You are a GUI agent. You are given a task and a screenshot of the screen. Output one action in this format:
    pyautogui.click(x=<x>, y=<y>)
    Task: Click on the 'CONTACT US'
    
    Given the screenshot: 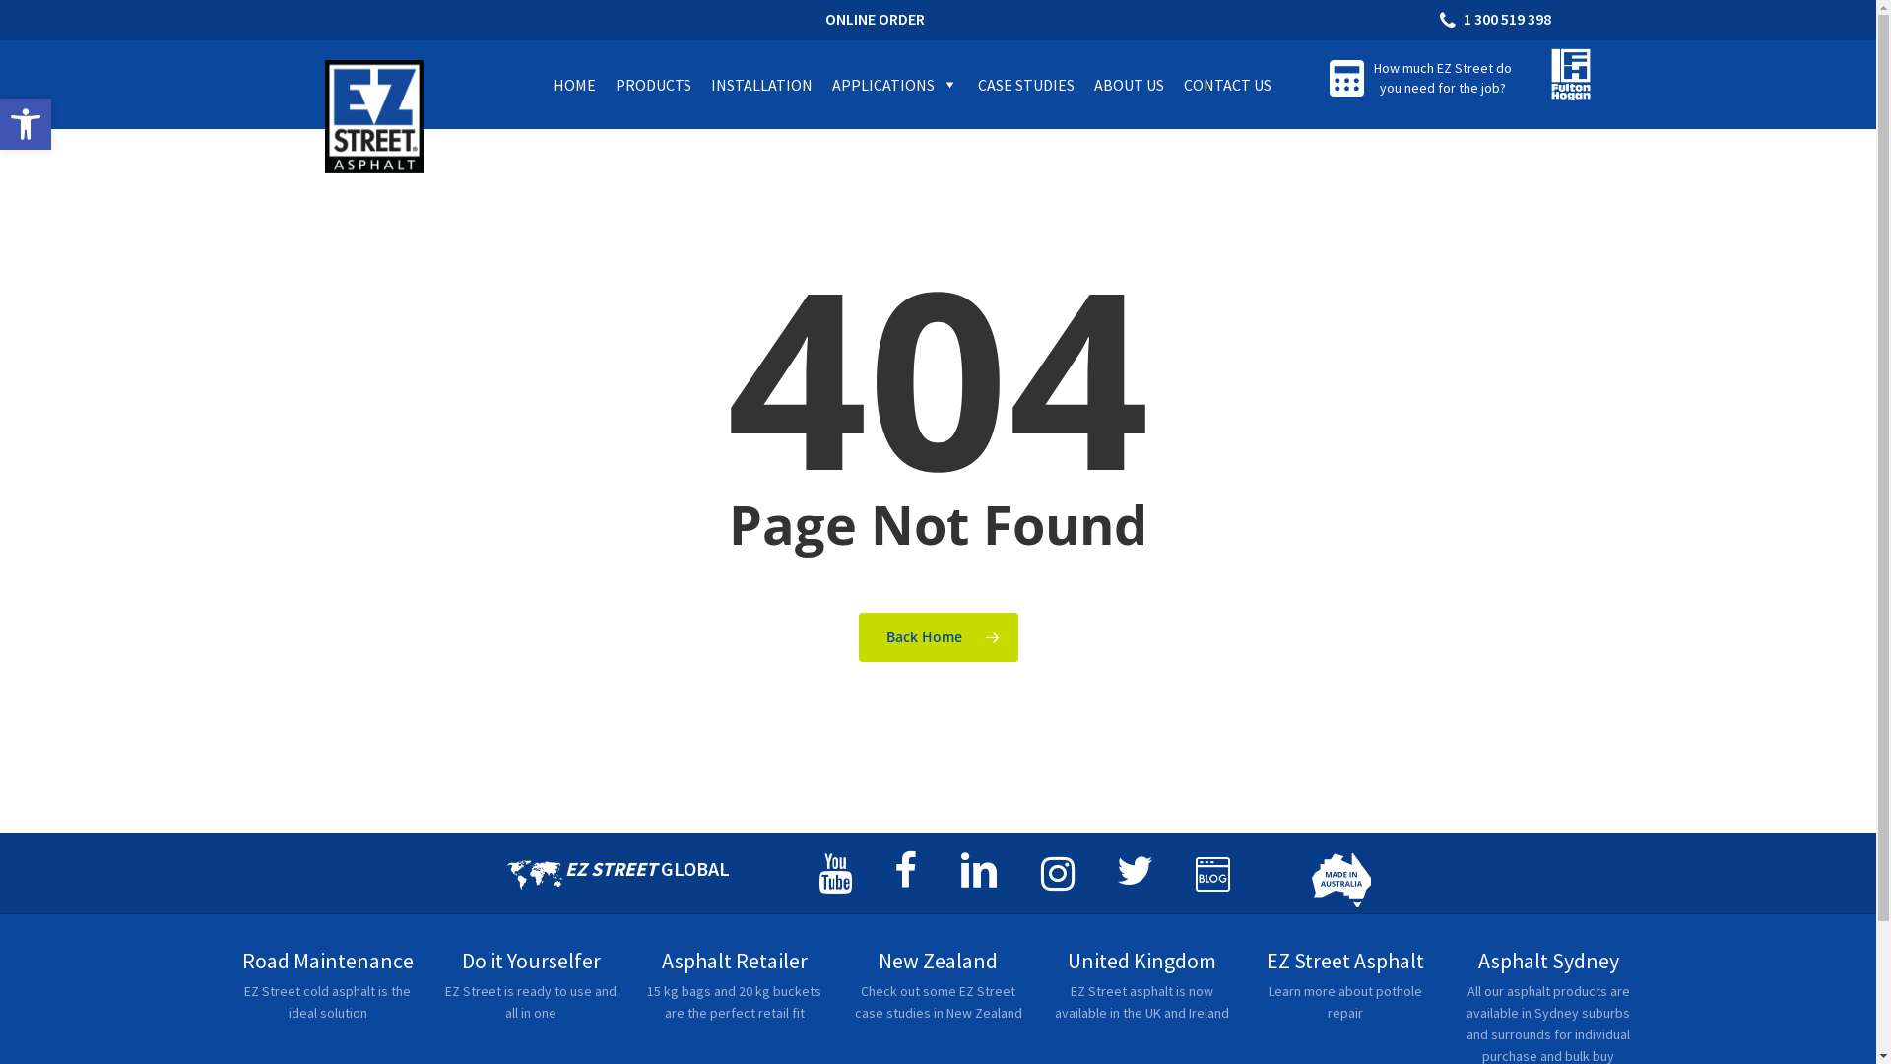 What is the action you would take?
    pyautogui.click(x=1226, y=83)
    